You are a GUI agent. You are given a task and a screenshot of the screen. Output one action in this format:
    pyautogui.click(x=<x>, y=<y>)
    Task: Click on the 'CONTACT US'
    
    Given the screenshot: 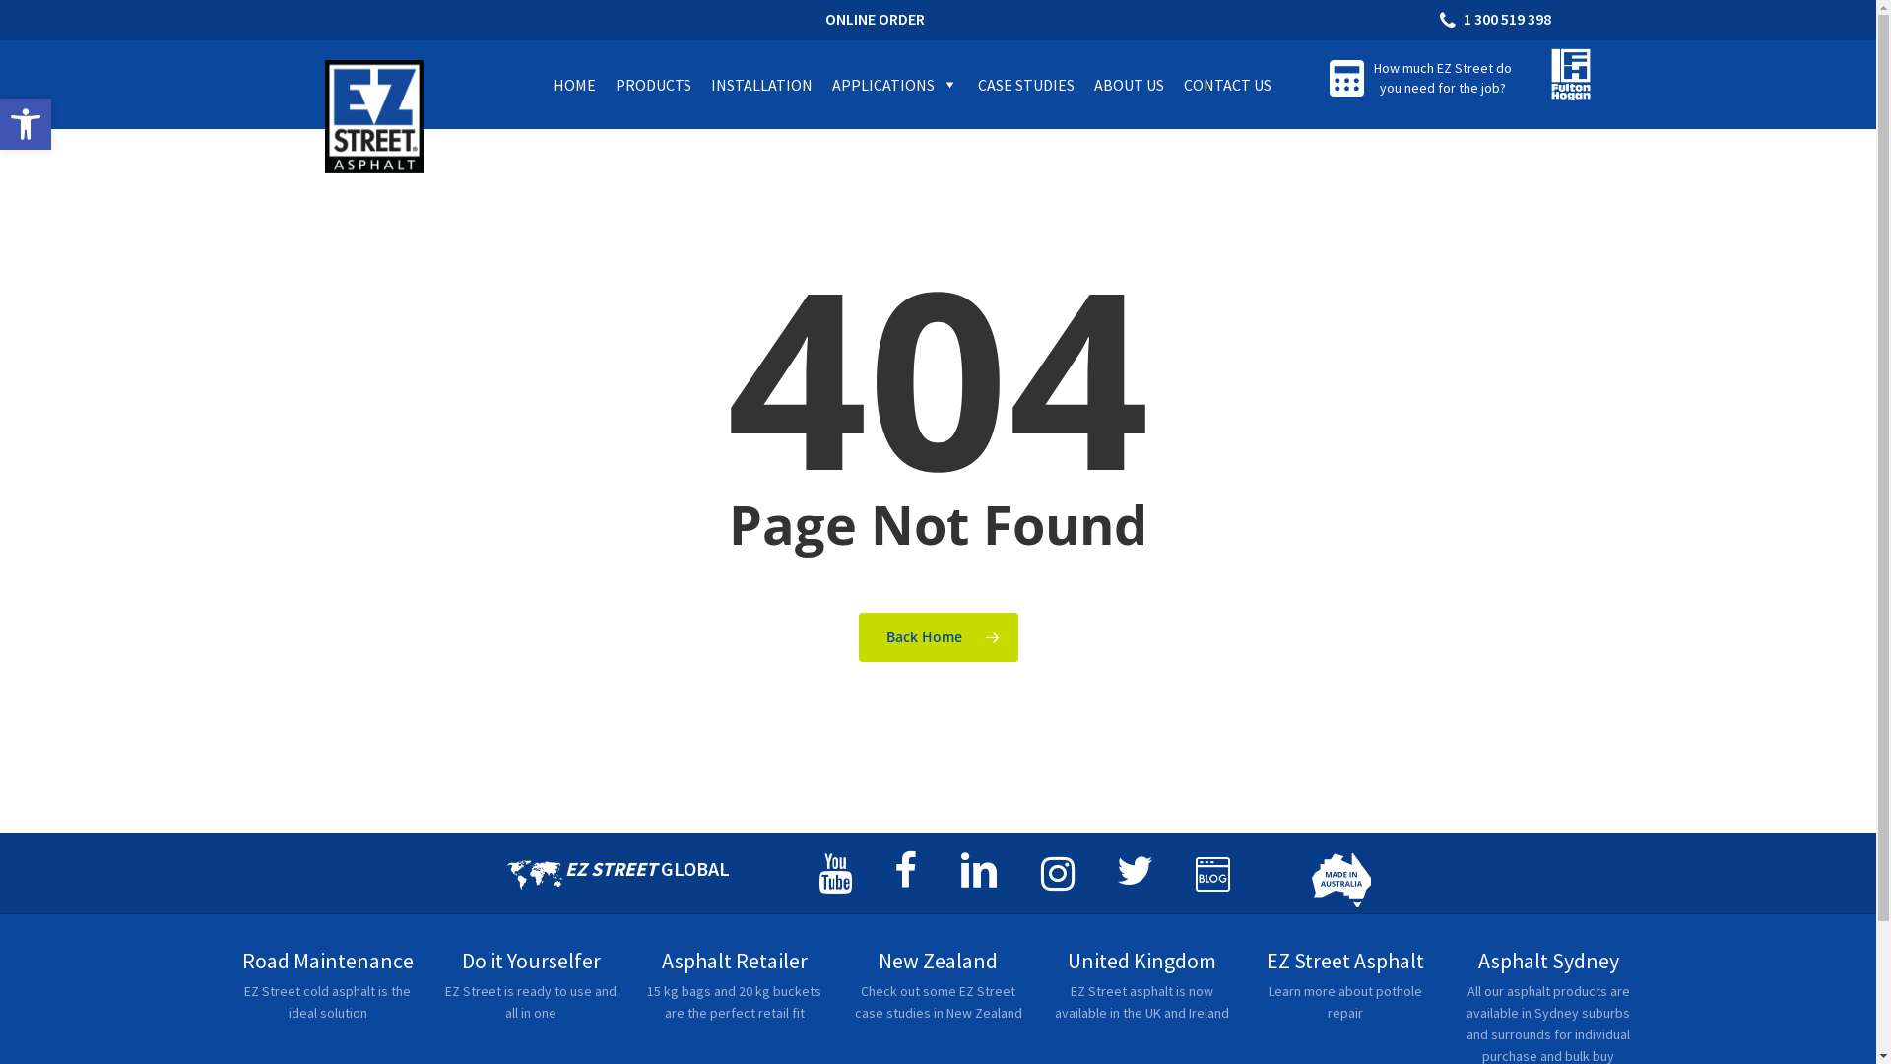 What is the action you would take?
    pyautogui.click(x=1226, y=83)
    